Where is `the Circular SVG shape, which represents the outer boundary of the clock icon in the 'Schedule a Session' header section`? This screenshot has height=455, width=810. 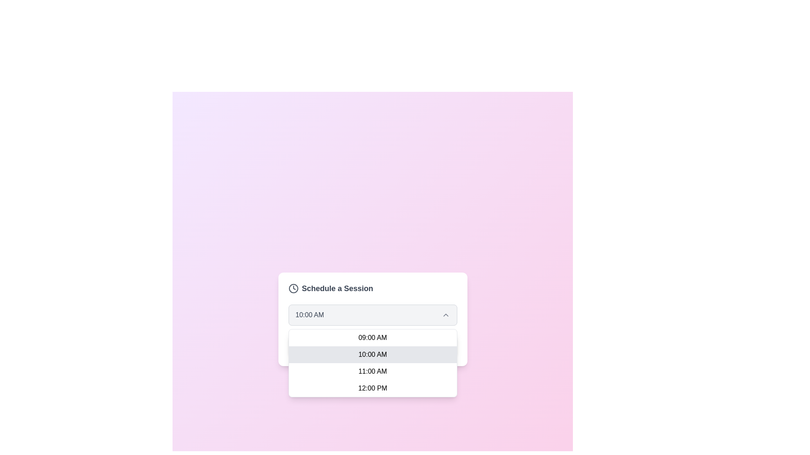
the Circular SVG shape, which represents the outer boundary of the clock icon in the 'Schedule a Session' header section is located at coordinates (293, 288).